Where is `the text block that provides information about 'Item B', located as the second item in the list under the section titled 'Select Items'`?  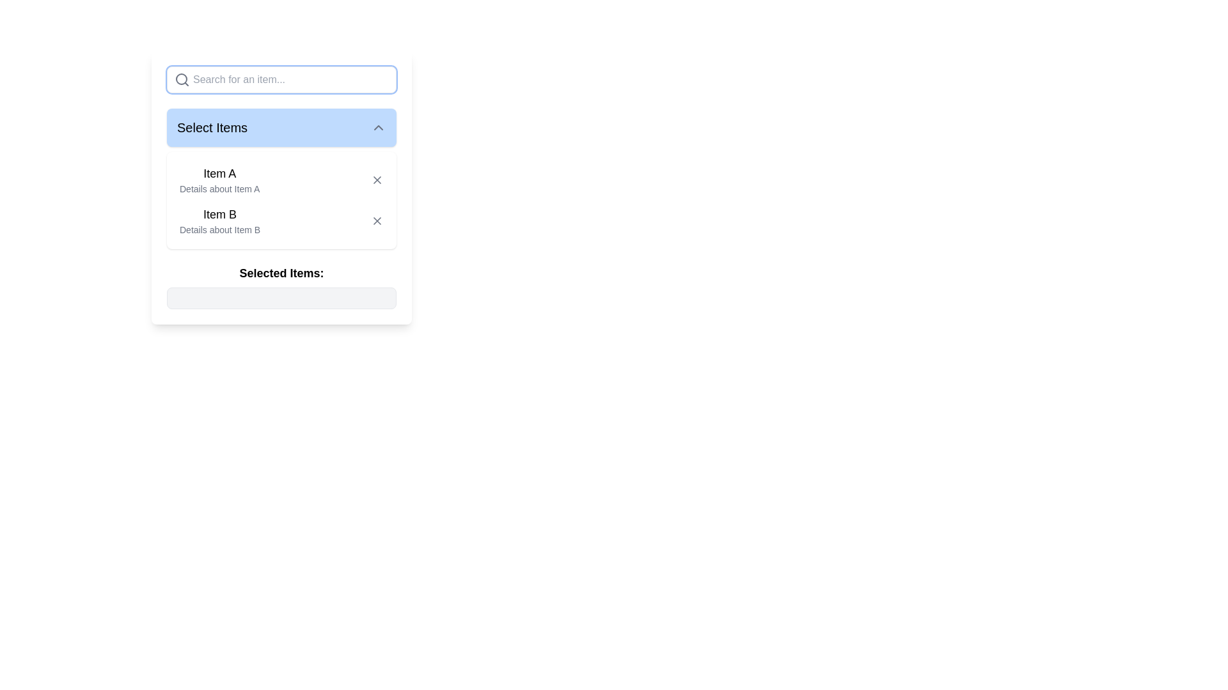
the text block that provides information about 'Item B', located as the second item in the list under the section titled 'Select Items' is located at coordinates (220, 220).